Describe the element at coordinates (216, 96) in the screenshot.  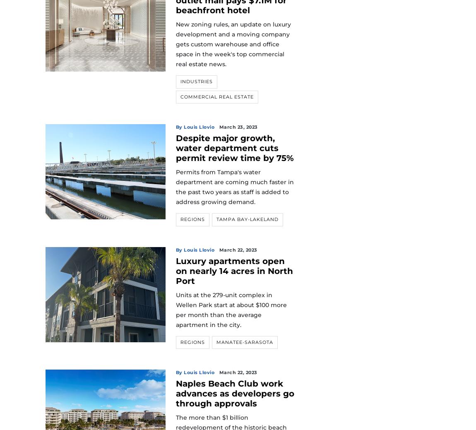
I see `'Commercial Real Estate'` at that location.